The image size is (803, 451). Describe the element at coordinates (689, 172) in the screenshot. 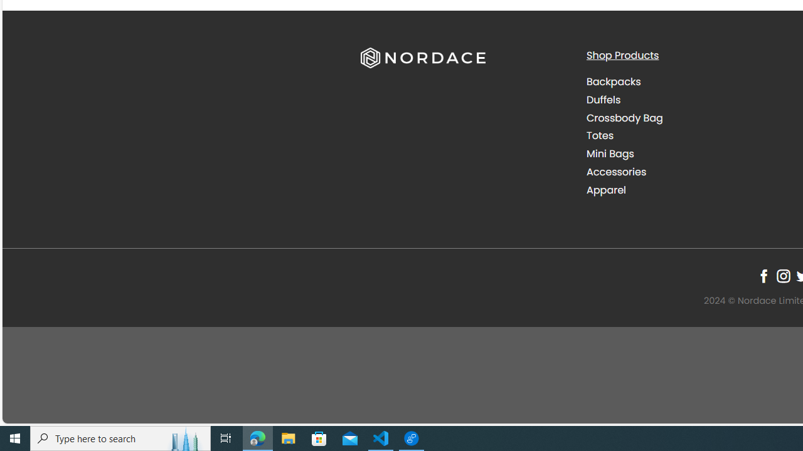

I see `'Accessories'` at that location.